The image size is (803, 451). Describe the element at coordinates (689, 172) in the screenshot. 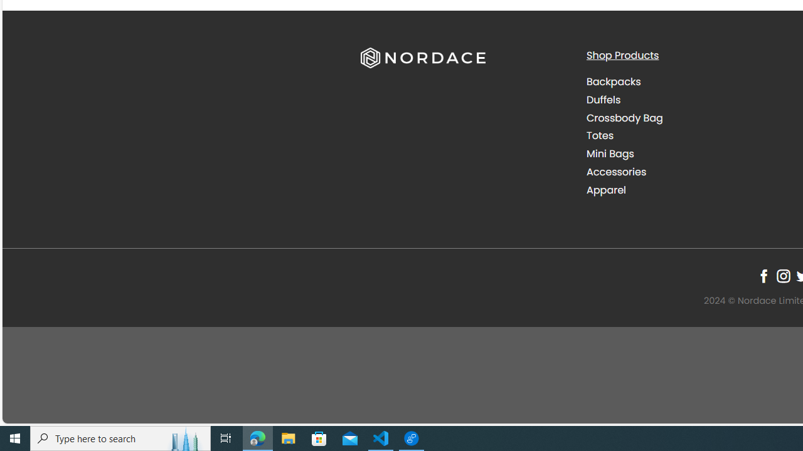

I see `'Accessories'` at that location.